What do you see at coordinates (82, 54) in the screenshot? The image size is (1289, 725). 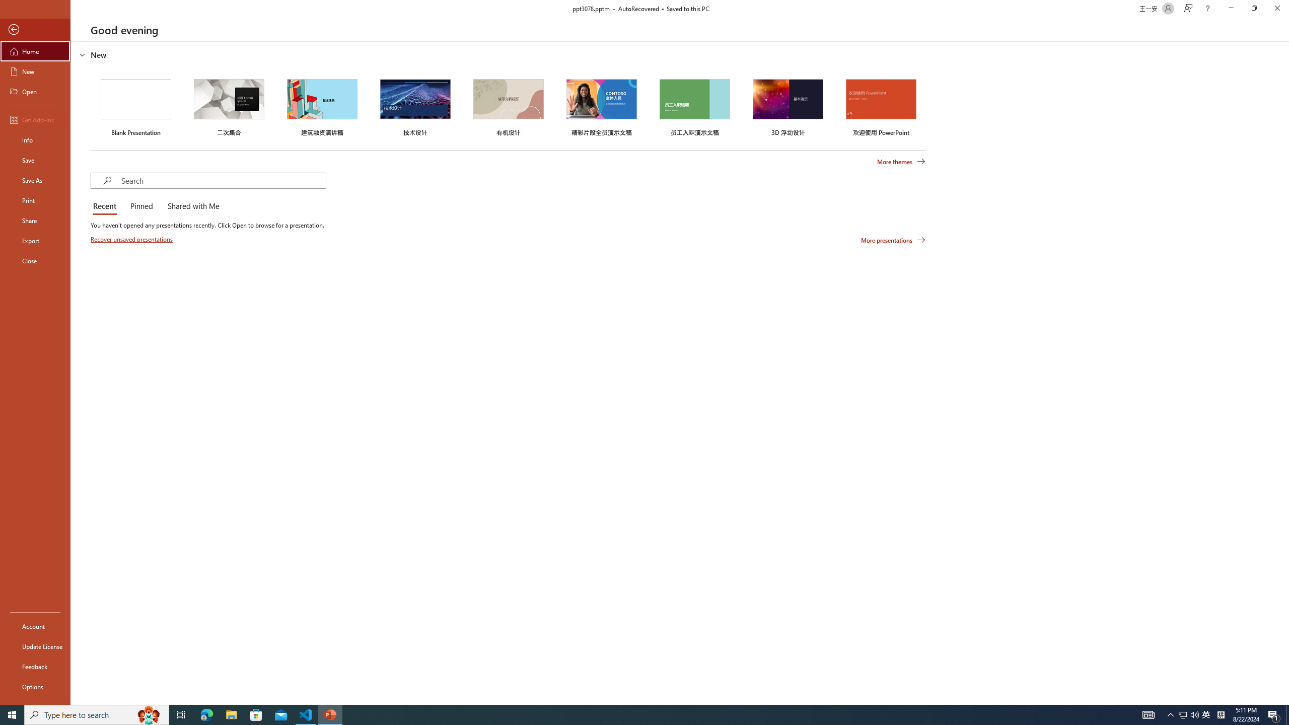 I see `'Hide or show region'` at bounding box center [82, 54].